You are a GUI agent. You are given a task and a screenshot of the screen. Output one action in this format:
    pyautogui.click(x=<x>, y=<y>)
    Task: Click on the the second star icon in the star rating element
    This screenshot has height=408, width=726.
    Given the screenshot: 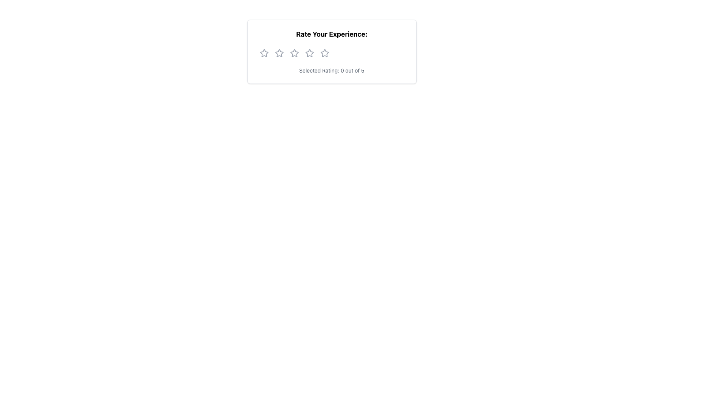 What is the action you would take?
    pyautogui.click(x=279, y=53)
    